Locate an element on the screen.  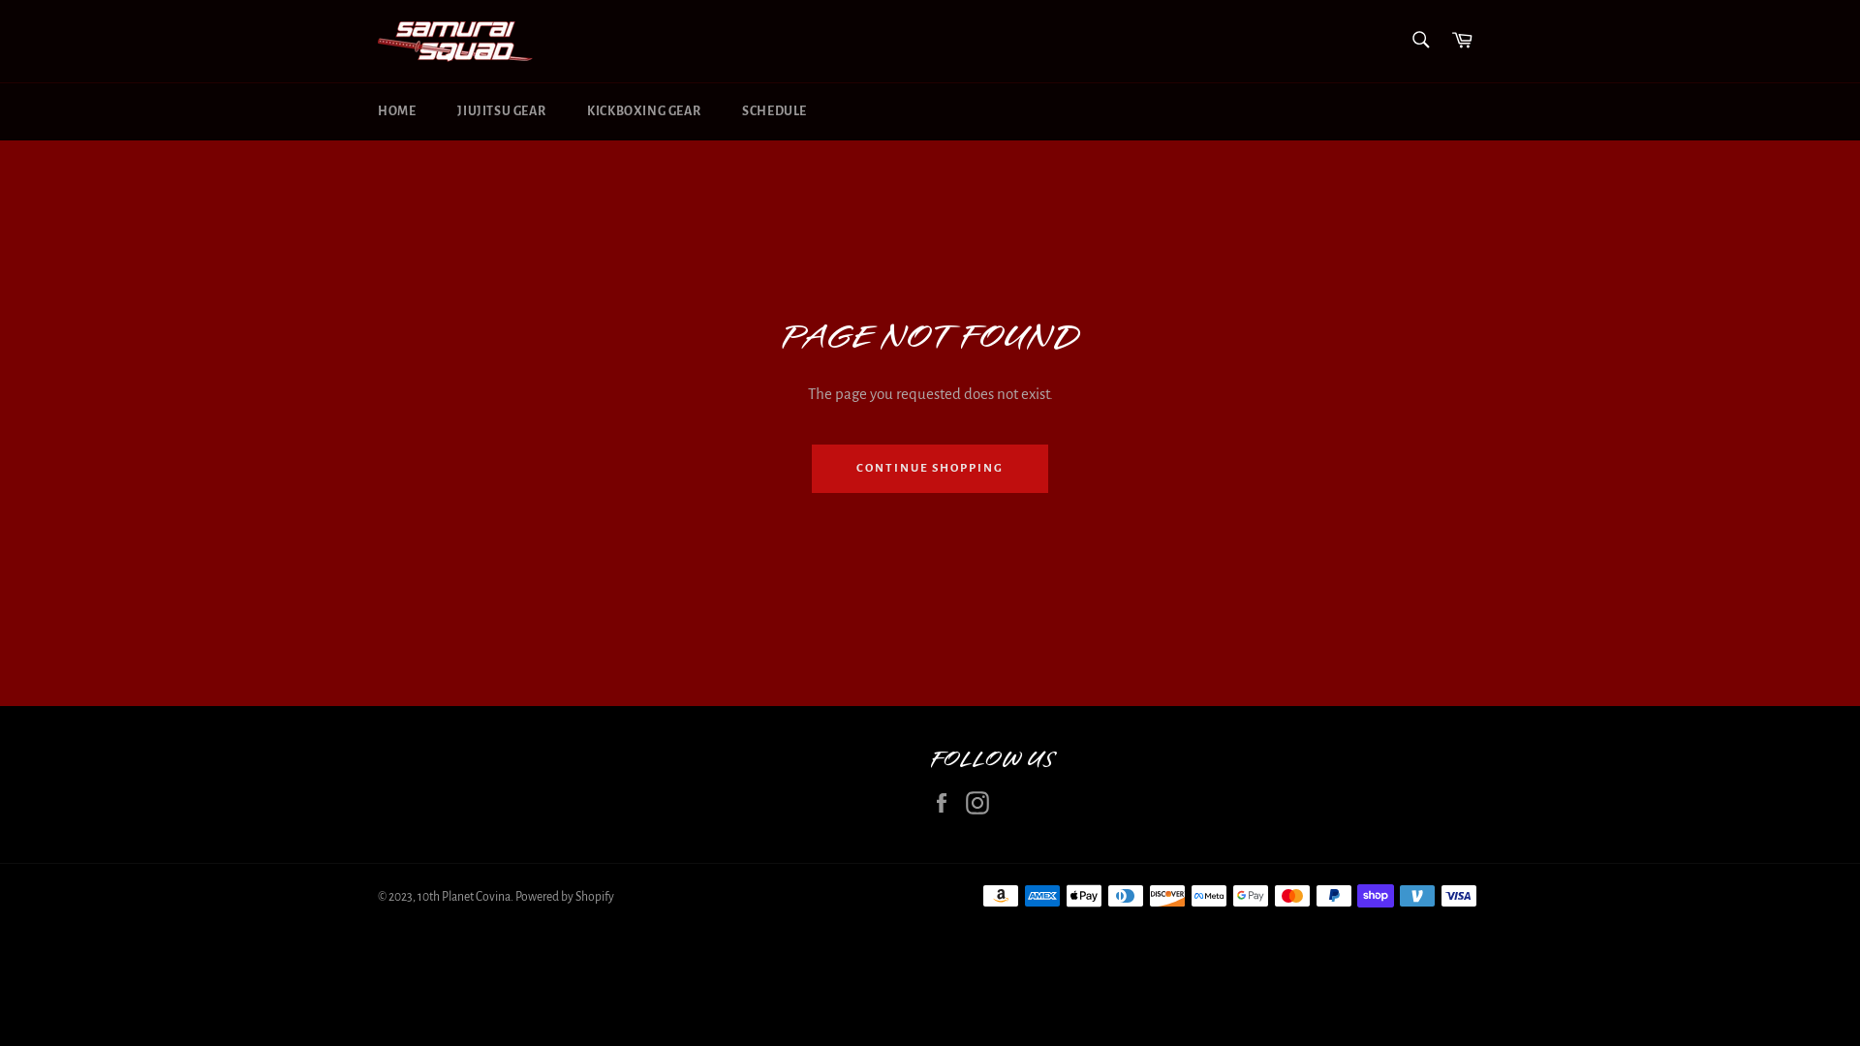
'Powered by Shopify' is located at coordinates (563, 896).